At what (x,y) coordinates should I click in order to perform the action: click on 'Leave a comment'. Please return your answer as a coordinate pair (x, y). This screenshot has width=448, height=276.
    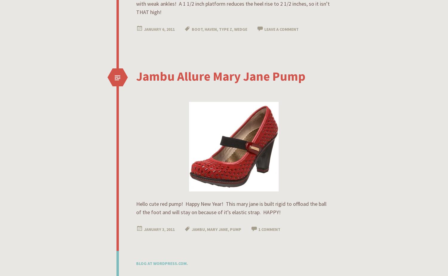
    Looking at the image, I should click on (281, 29).